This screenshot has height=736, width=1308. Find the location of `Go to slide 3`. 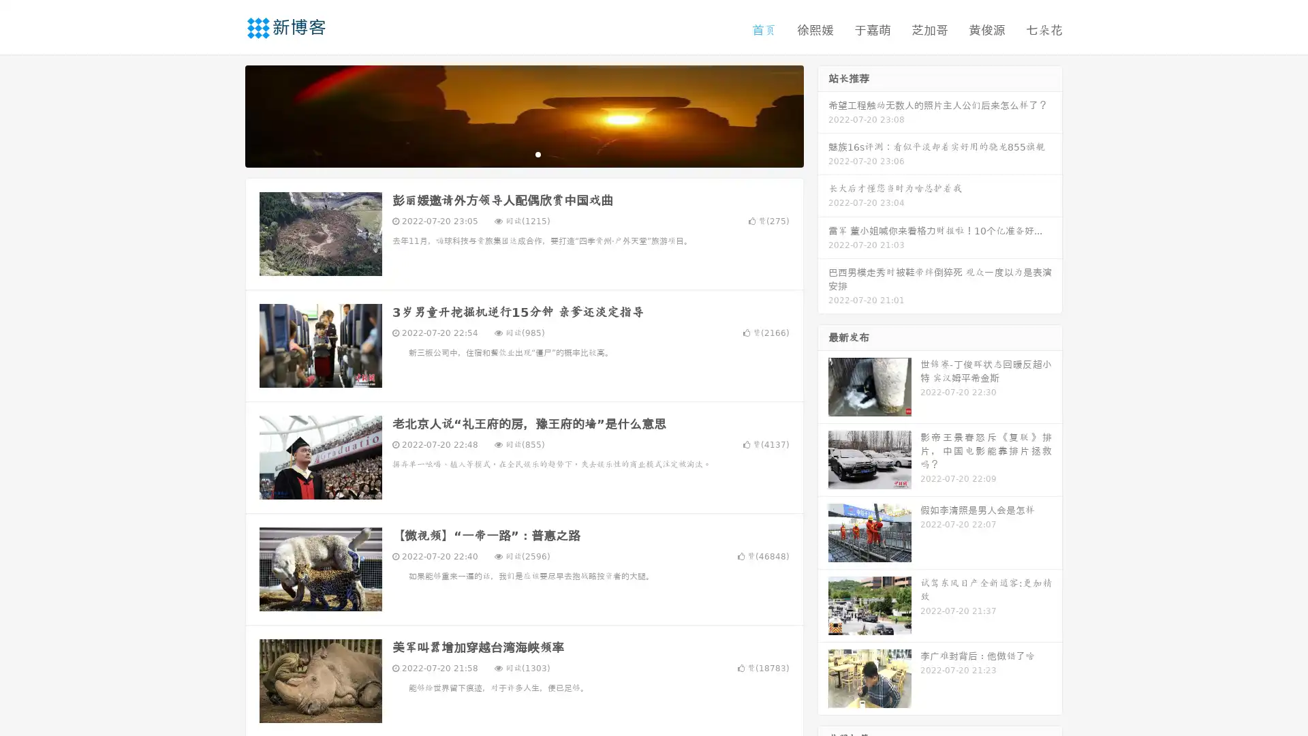

Go to slide 3 is located at coordinates (538, 153).